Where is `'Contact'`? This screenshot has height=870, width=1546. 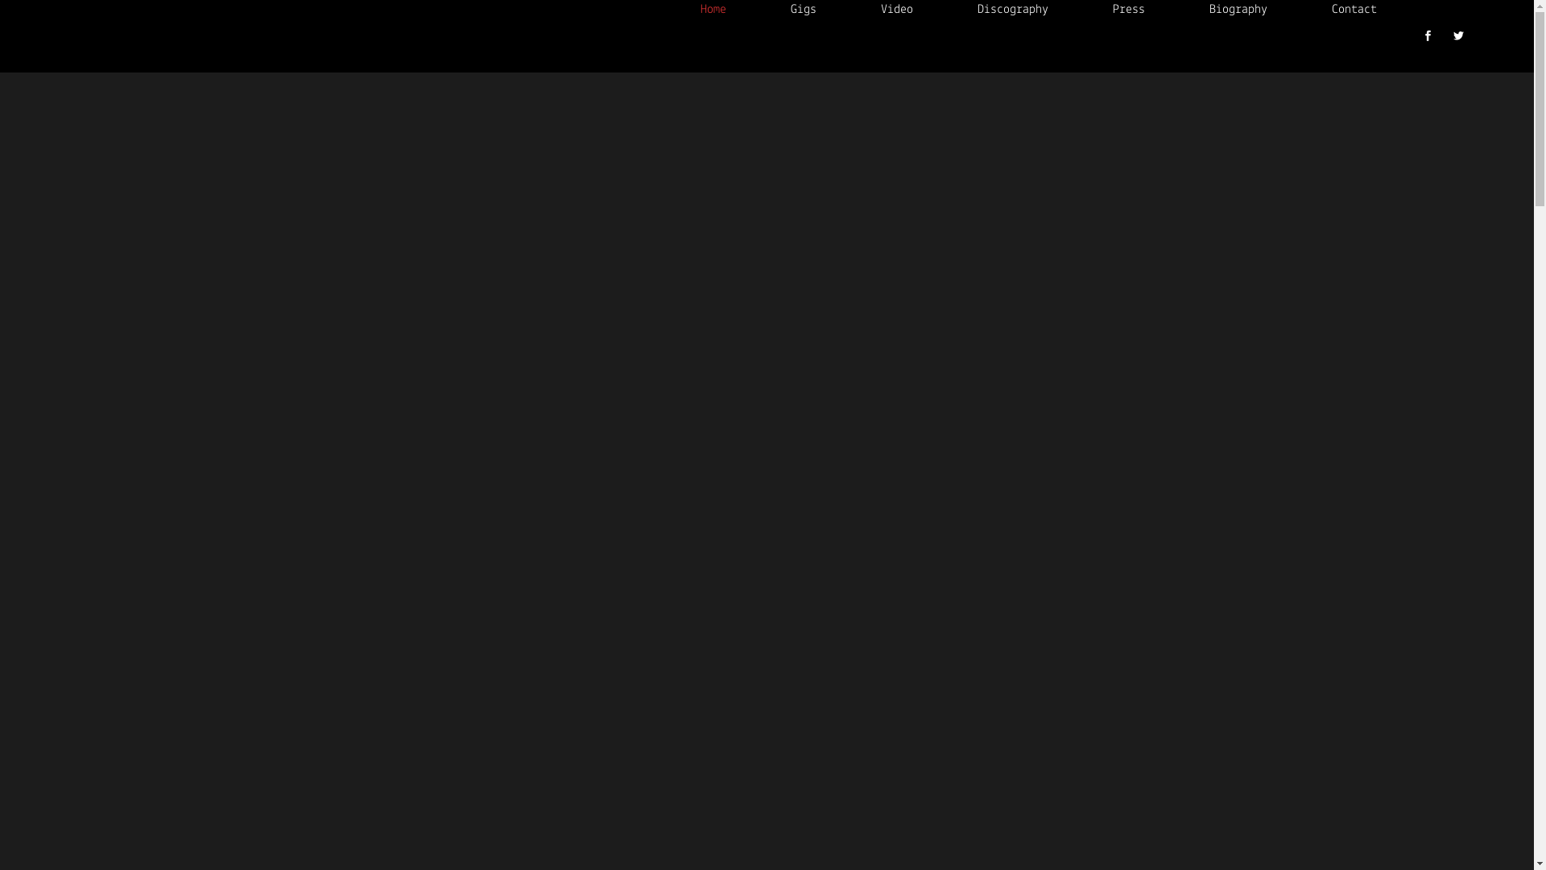 'Contact' is located at coordinates (1353, 9).